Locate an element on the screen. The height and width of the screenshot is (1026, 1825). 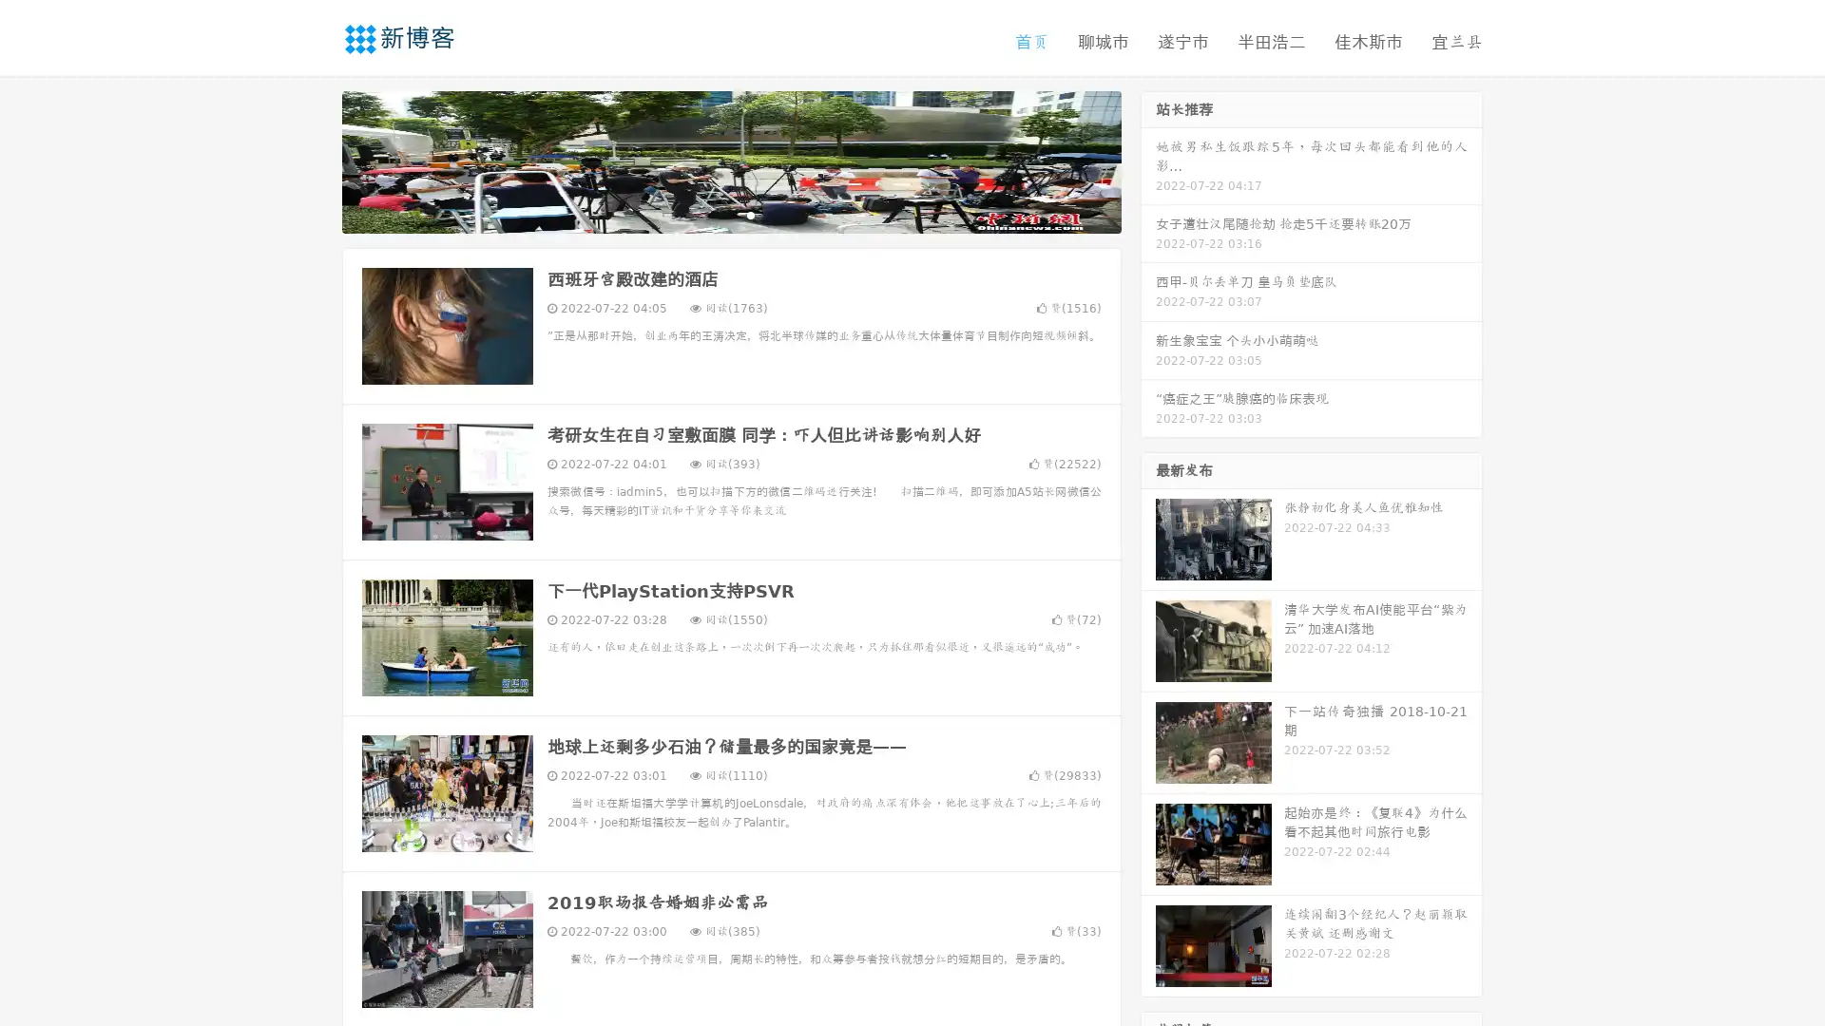
Go to slide 1 is located at coordinates (711, 214).